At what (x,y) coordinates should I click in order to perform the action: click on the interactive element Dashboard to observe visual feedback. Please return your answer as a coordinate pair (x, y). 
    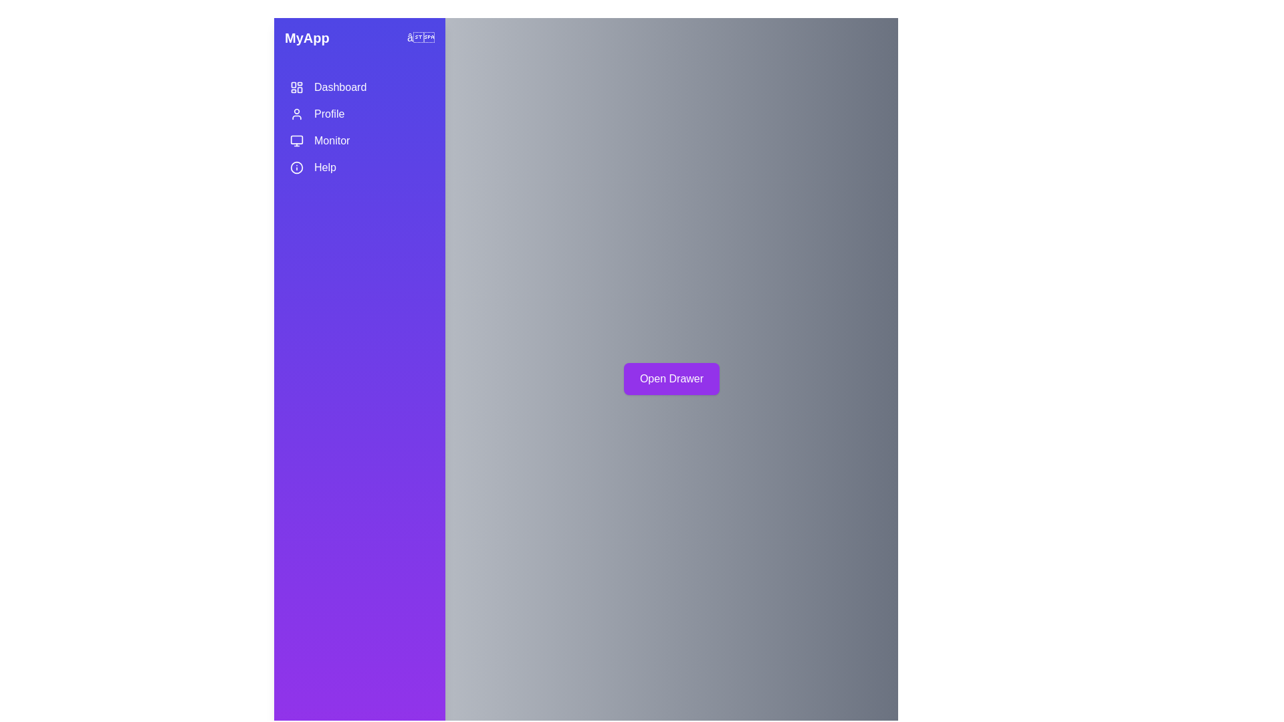
    Looking at the image, I should click on (359, 88).